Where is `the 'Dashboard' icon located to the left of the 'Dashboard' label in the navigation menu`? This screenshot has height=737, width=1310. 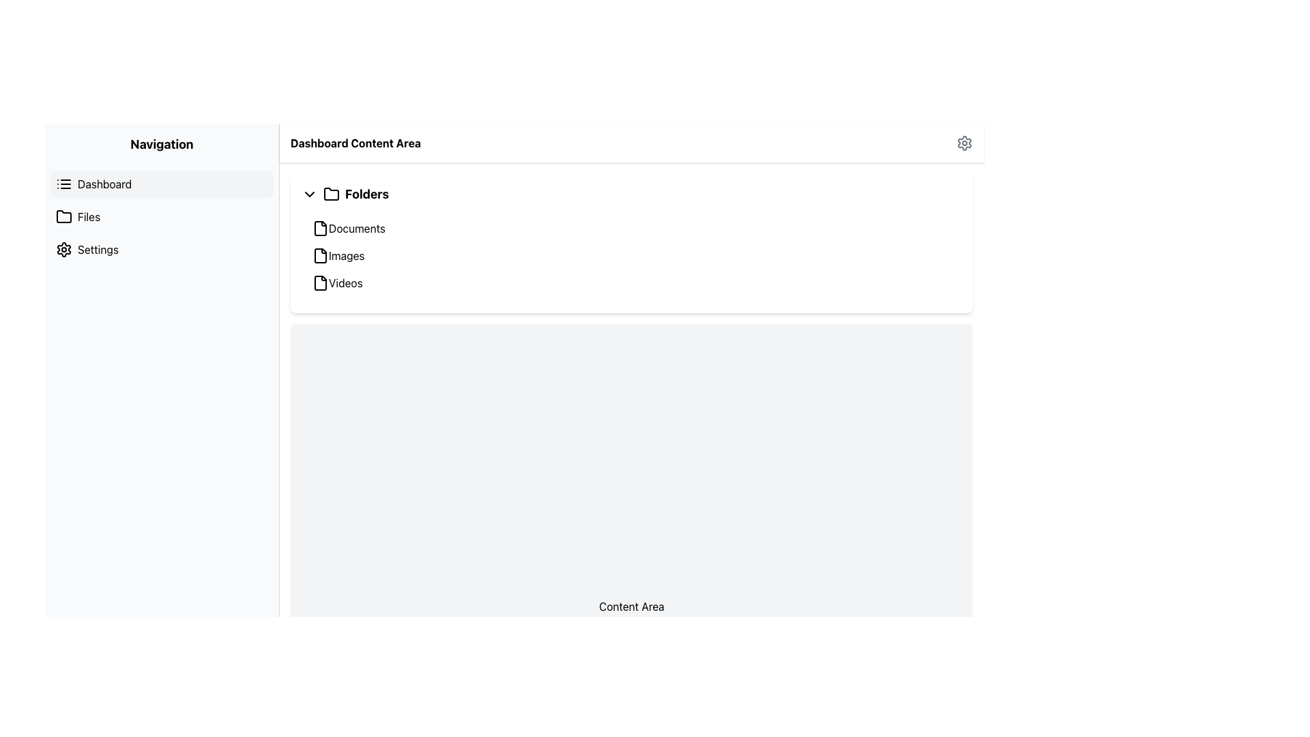 the 'Dashboard' icon located to the left of the 'Dashboard' label in the navigation menu is located at coordinates (63, 184).